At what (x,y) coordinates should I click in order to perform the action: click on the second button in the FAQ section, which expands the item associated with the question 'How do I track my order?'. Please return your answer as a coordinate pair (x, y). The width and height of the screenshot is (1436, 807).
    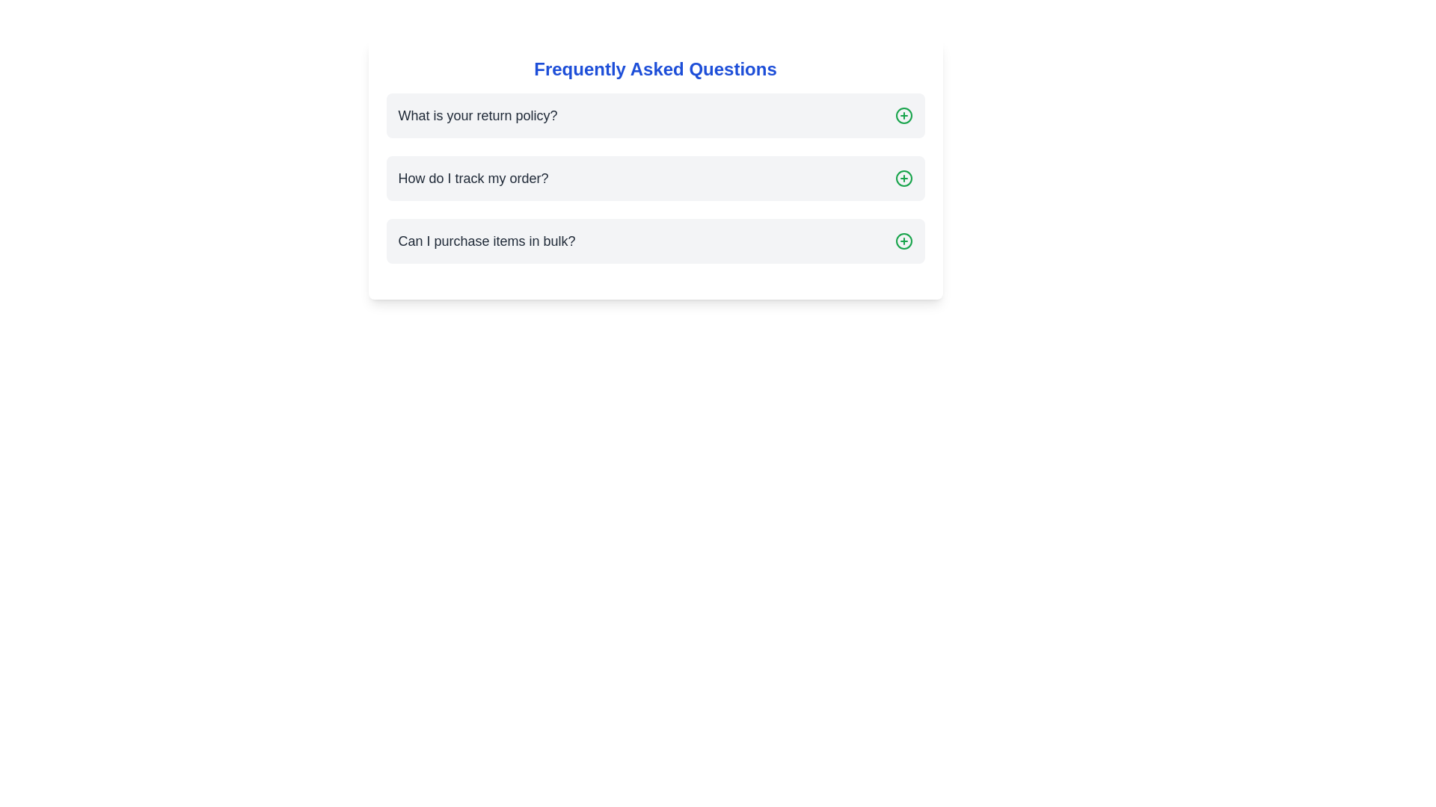
    Looking at the image, I should click on (903, 178).